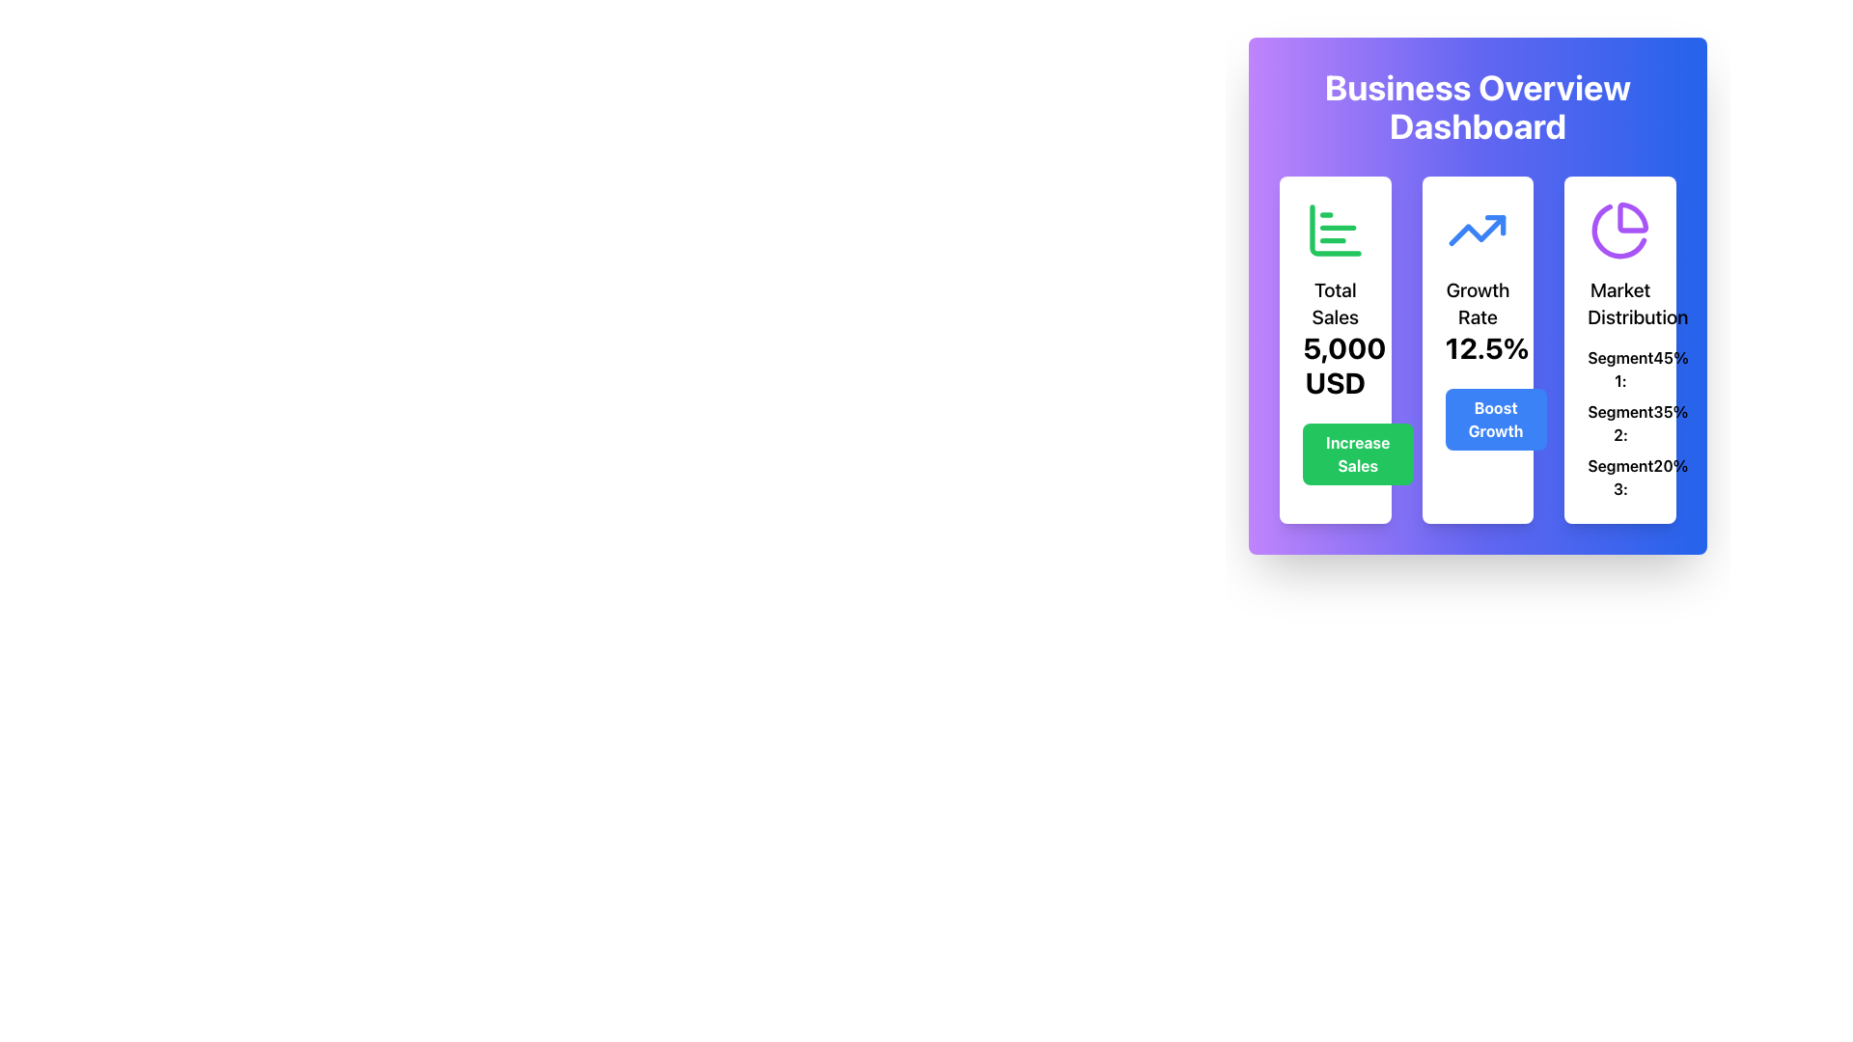 This screenshot has width=1853, height=1042. Describe the element at coordinates (1620, 369) in the screenshot. I see `the 'Segment 1: 45%' text label, which is the first entry in the 'Market Distribution' section of the dashboard` at that location.